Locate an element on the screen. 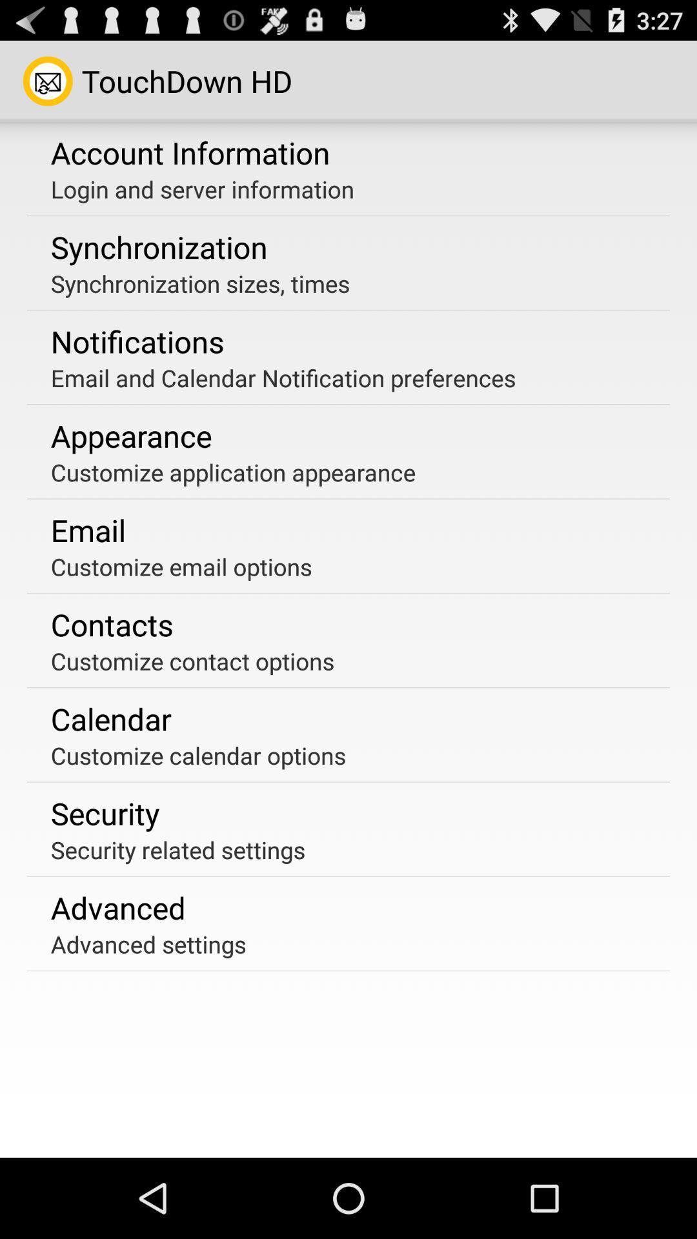 The width and height of the screenshot is (697, 1239). the advanced settings item is located at coordinates (148, 944).